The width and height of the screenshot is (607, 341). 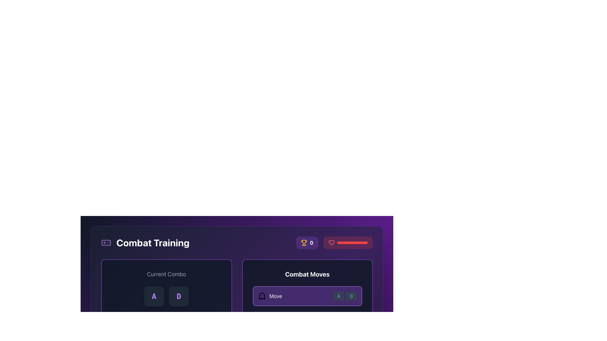 What do you see at coordinates (270, 296) in the screenshot?
I see `the ghost icon of the Label with icon that describes a specific move in the Combat Moves section, located near the paired buttons labeled 'A' and 'D'` at bounding box center [270, 296].